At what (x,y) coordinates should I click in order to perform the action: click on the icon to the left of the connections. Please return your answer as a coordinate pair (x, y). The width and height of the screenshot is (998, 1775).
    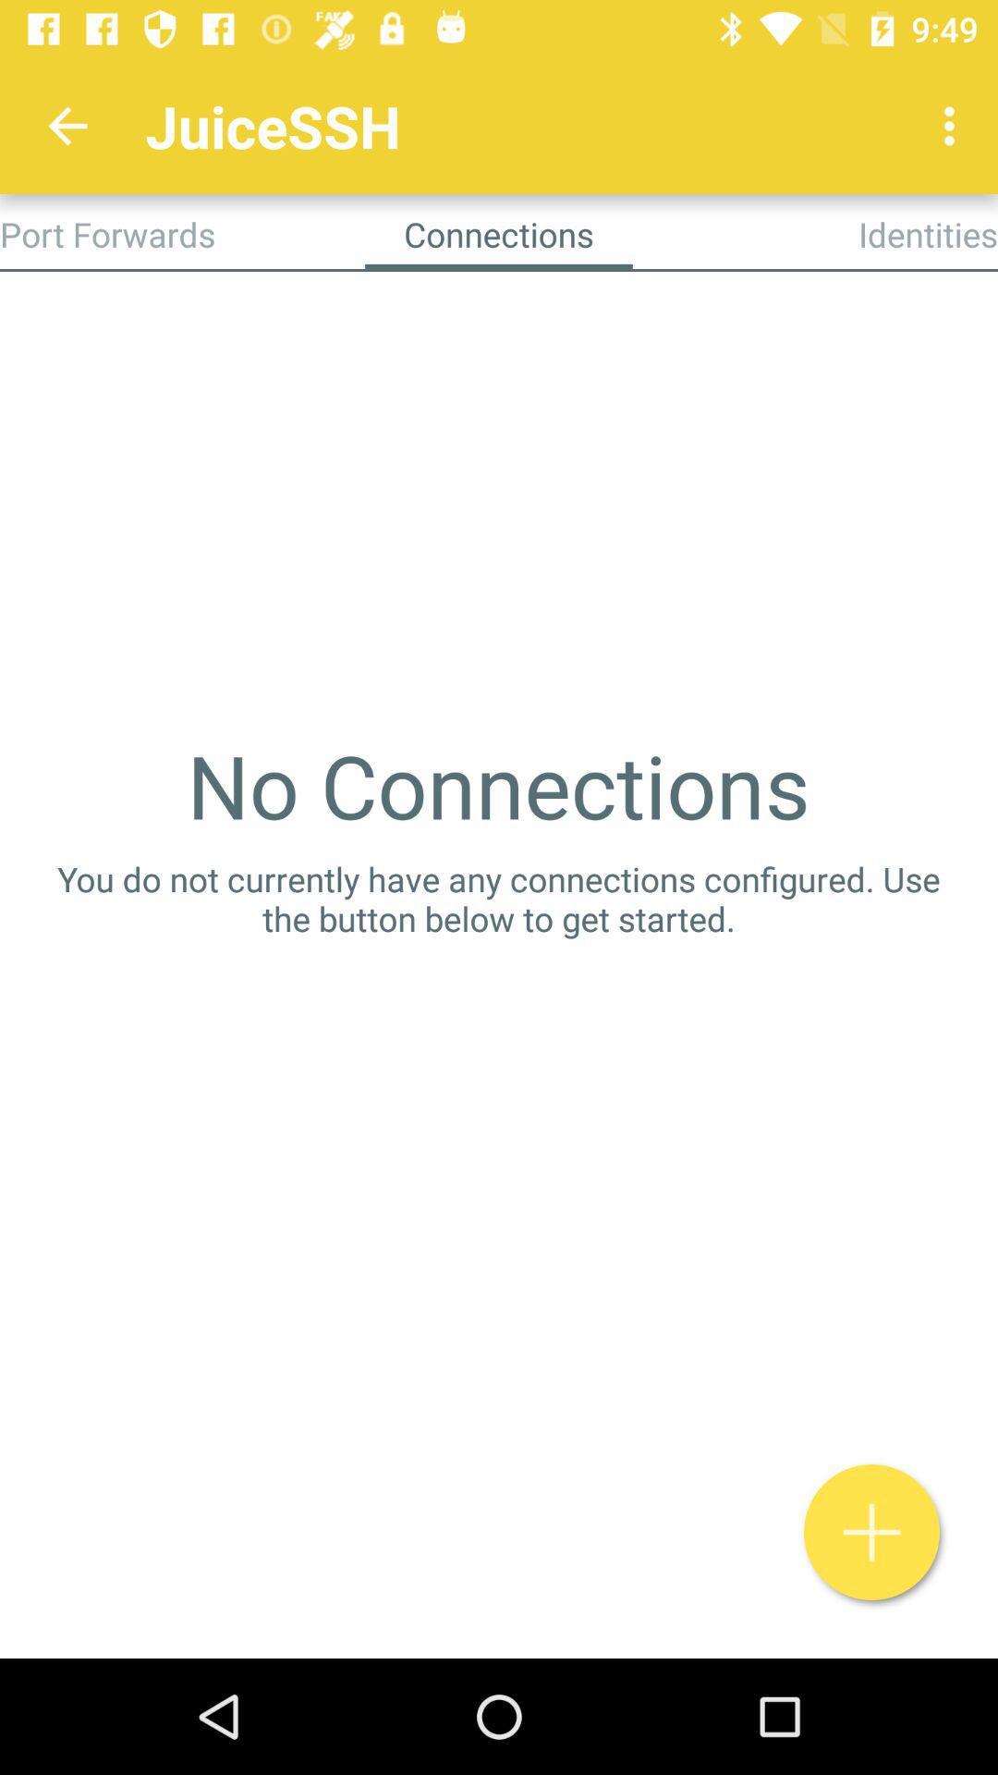
    Looking at the image, I should click on (107, 233).